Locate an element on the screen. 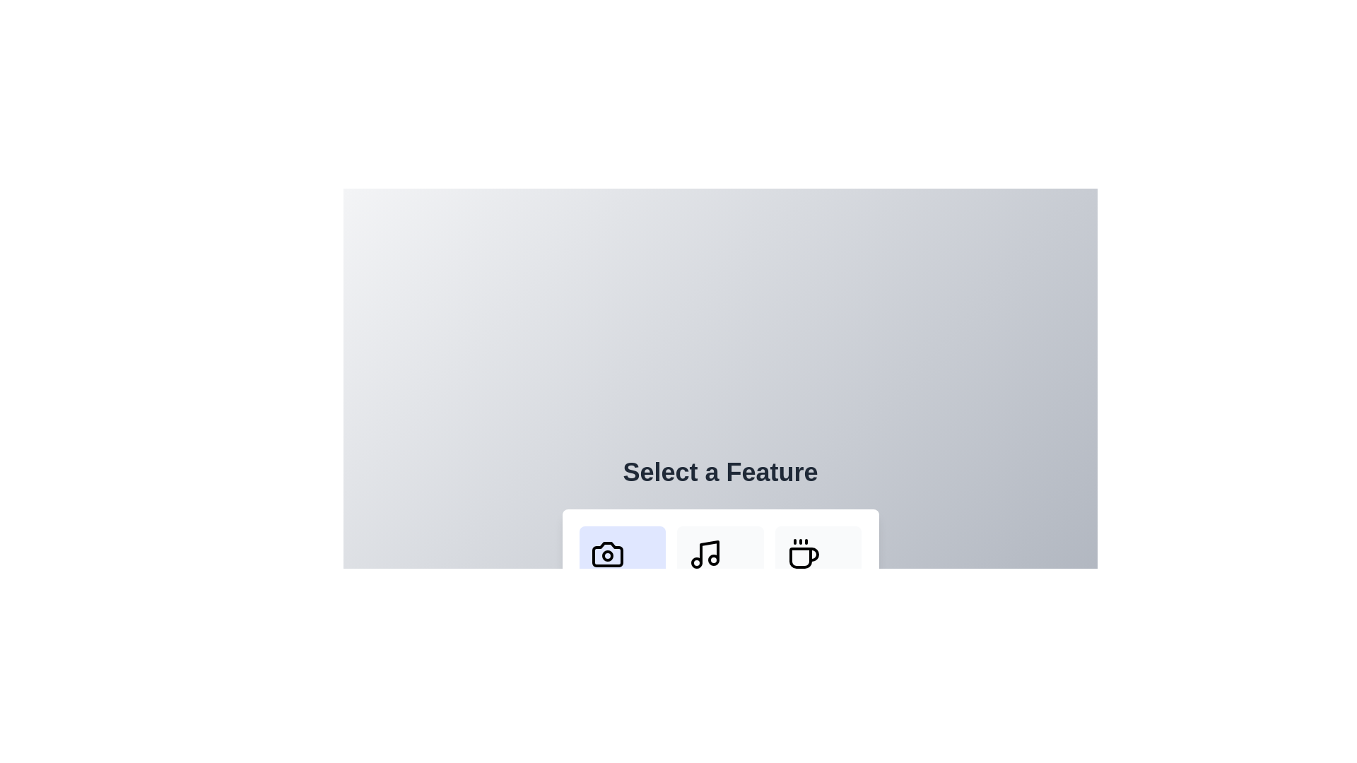 This screenshot has width=1357, height=763. the small circular icon within the SVG graphic that is located at the center of the camera icon is located at coordinates (607, 555).